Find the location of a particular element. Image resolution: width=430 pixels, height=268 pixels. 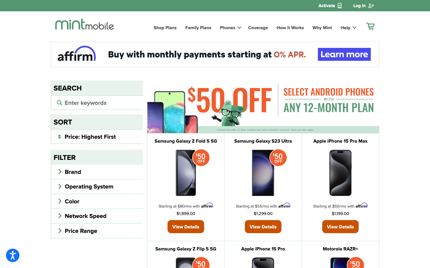

View Details of Motorola RAZR+ is located at coordinates (340, 249).